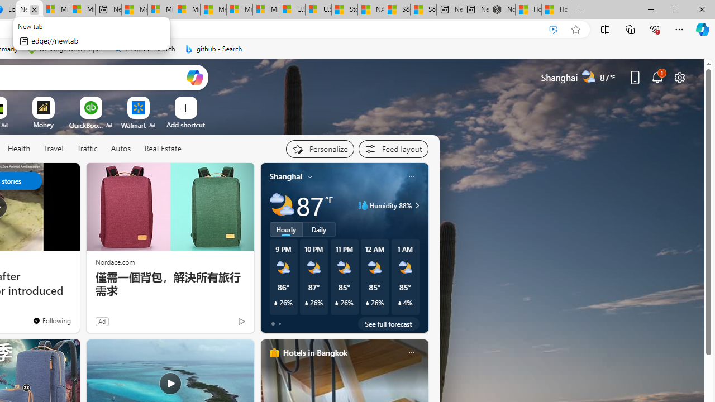  Describe the element at coordinates (422, 9) in the screenshot. I see `'S&P 500, Nasdaq end lower, weighed by Nvidia dip | Watch'` at that location.